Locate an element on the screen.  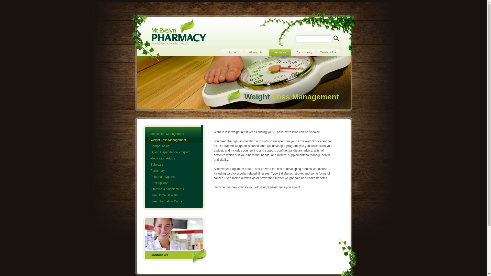
'Medication Management' is located at coordinates (173, 134).